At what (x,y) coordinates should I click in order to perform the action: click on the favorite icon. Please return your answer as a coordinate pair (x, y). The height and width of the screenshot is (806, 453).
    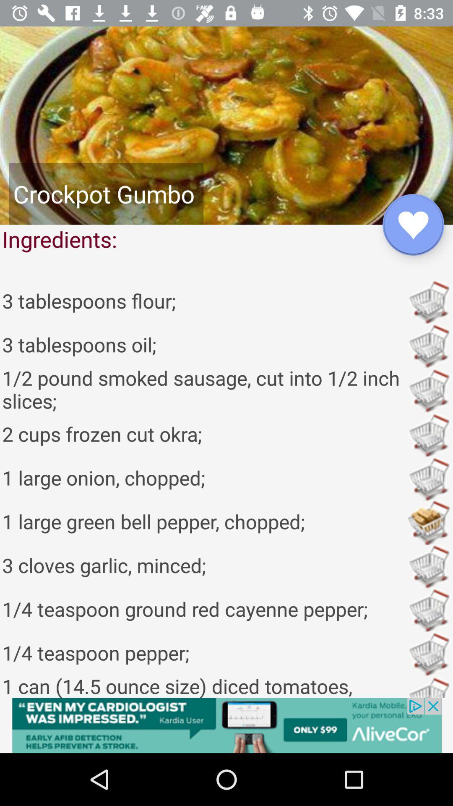
    Looking at the image, I should click on (413, 225).